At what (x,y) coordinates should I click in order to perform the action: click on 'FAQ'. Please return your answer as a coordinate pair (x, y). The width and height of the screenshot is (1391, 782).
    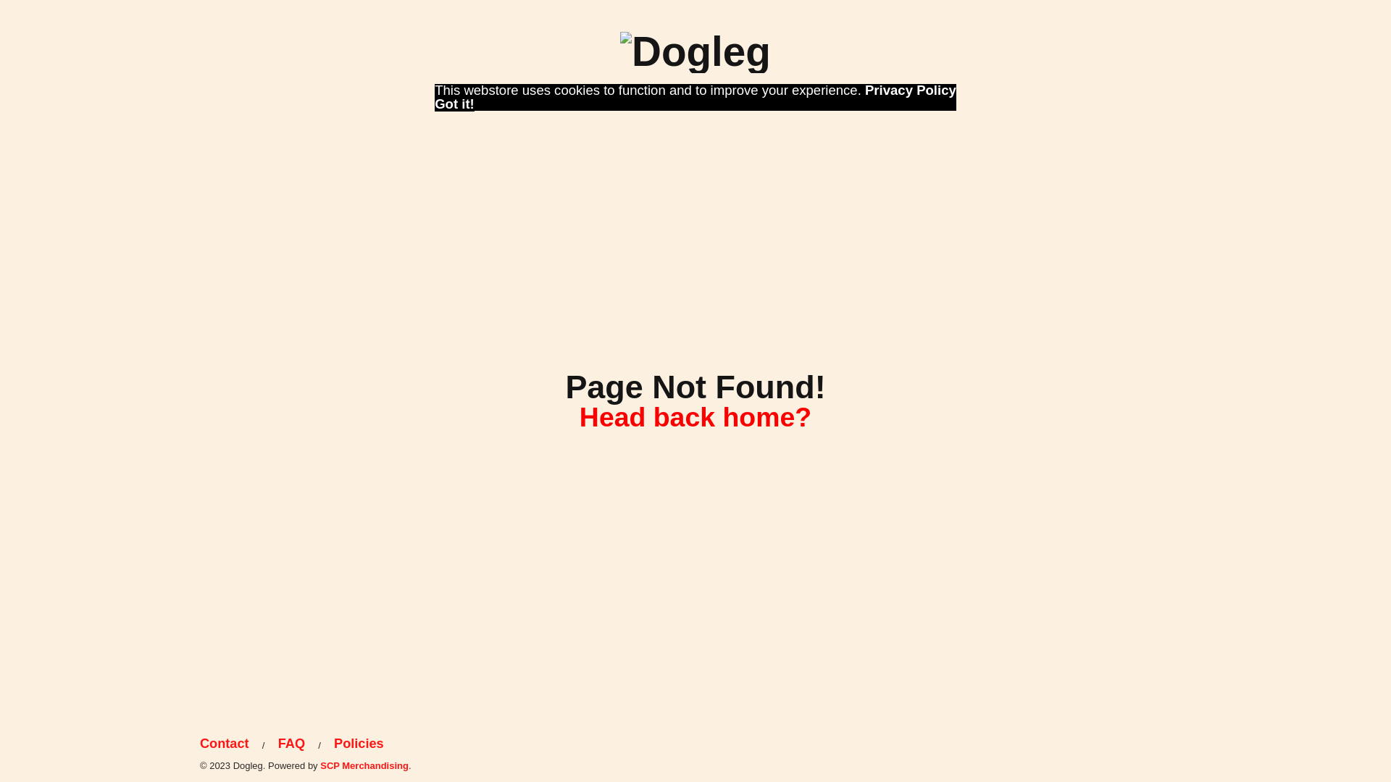
    Looking at the image, I should click on (291, 744).